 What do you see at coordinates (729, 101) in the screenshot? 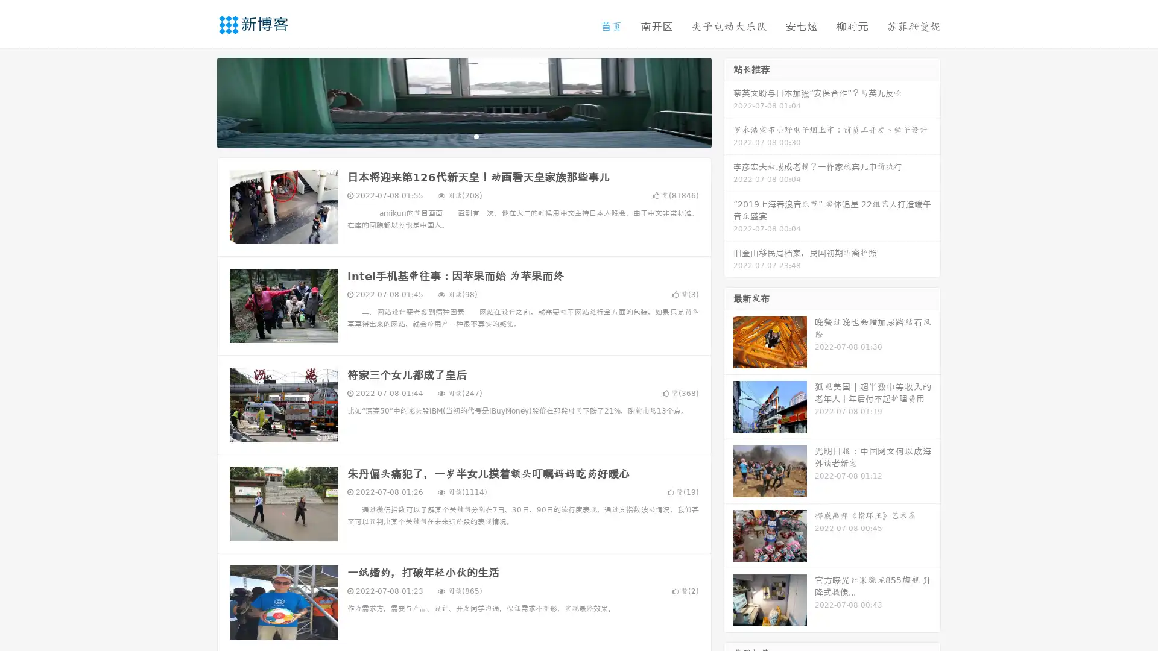
I see `Next slide` at bounding box center [729, 101].